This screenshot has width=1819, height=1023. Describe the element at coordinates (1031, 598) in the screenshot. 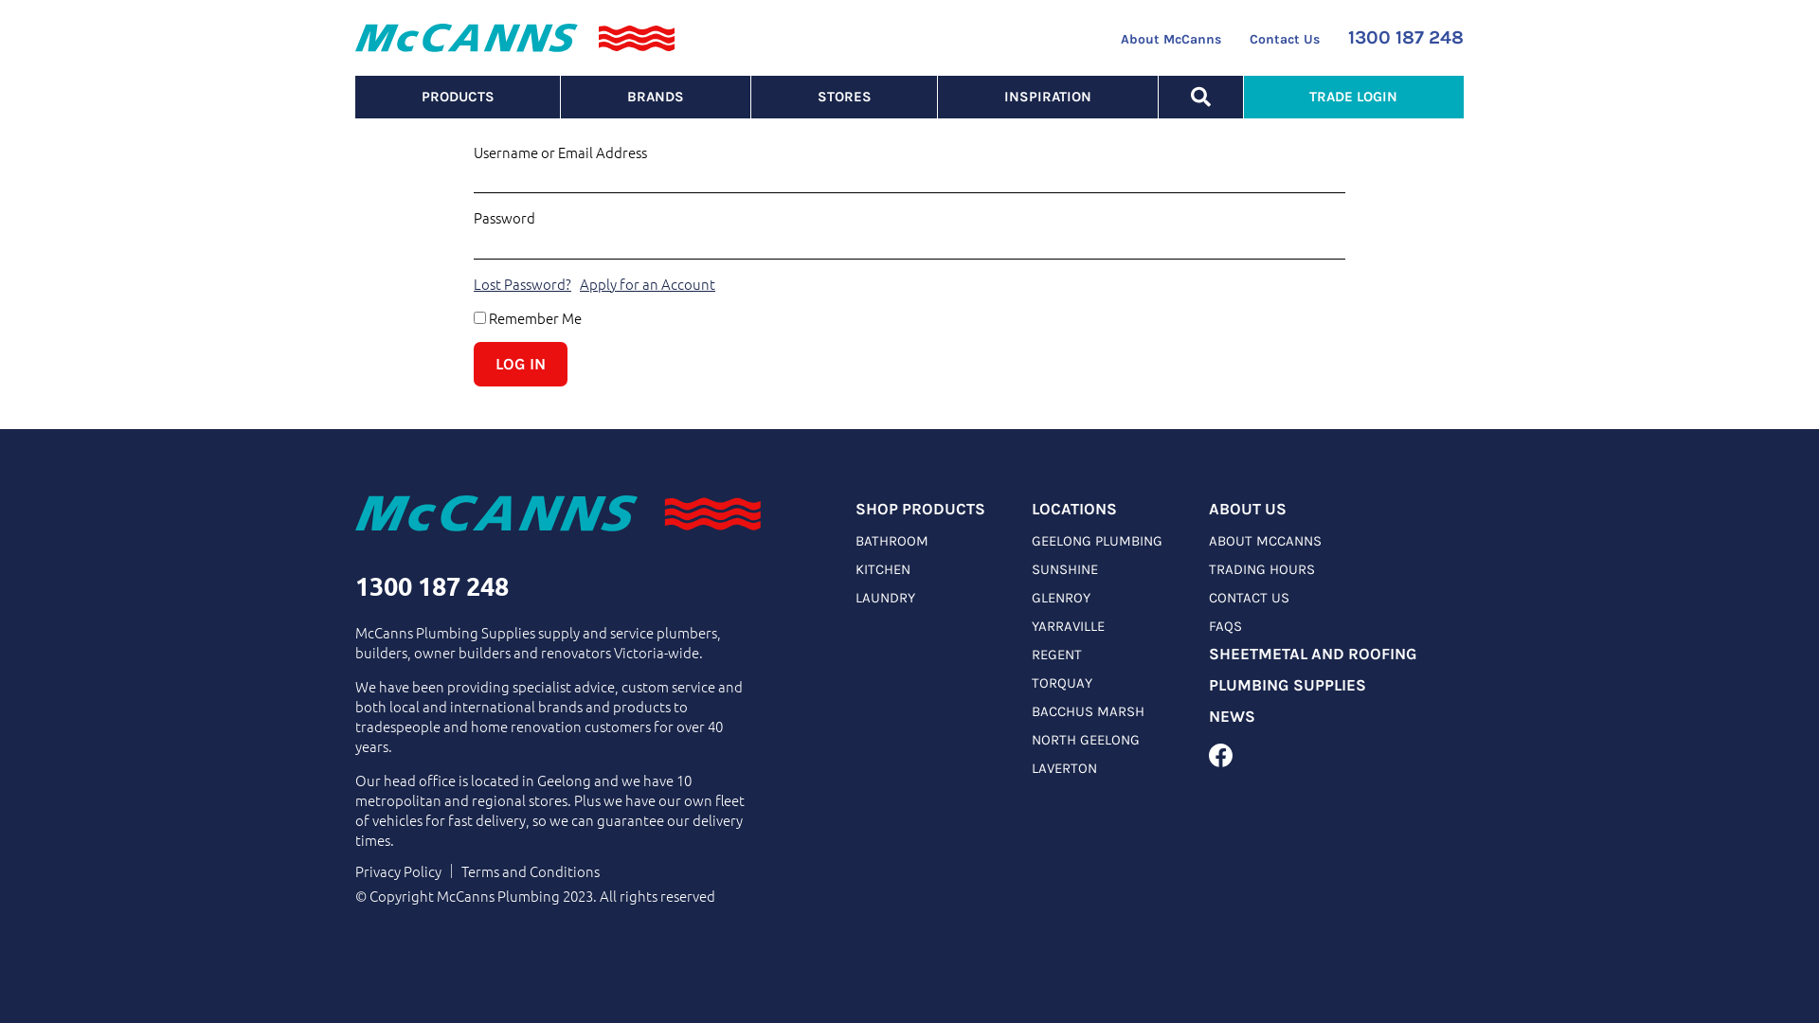

I see `'GLENROY'` at that location.